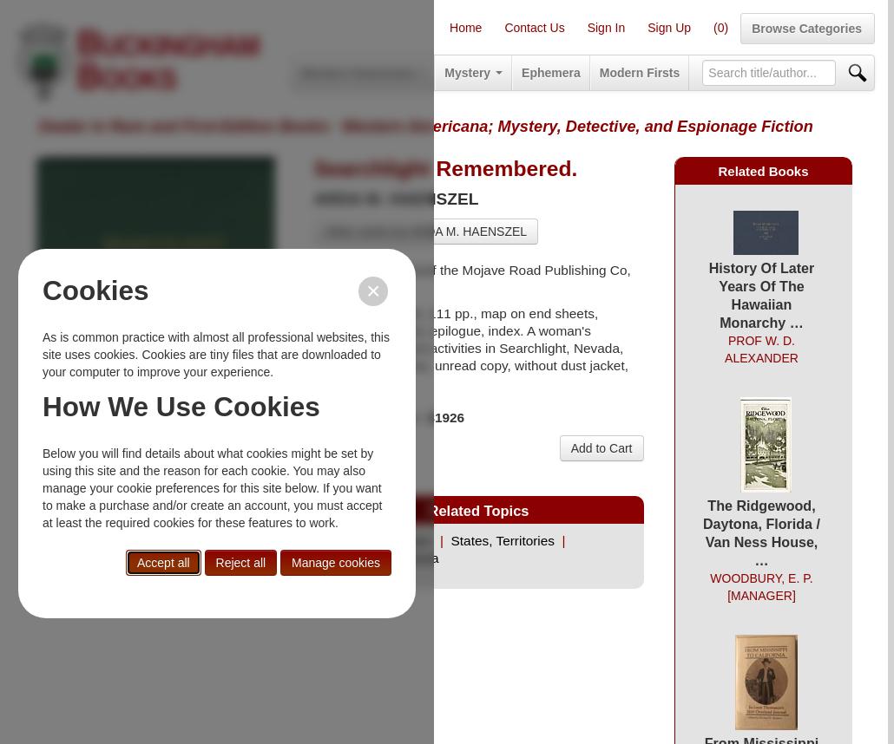 This screenshot has width=894, height=744. What do you see at coordinates (806, 29) in the screenshot?
I see `'Browse Categories'` at bounding box center [806, 29].